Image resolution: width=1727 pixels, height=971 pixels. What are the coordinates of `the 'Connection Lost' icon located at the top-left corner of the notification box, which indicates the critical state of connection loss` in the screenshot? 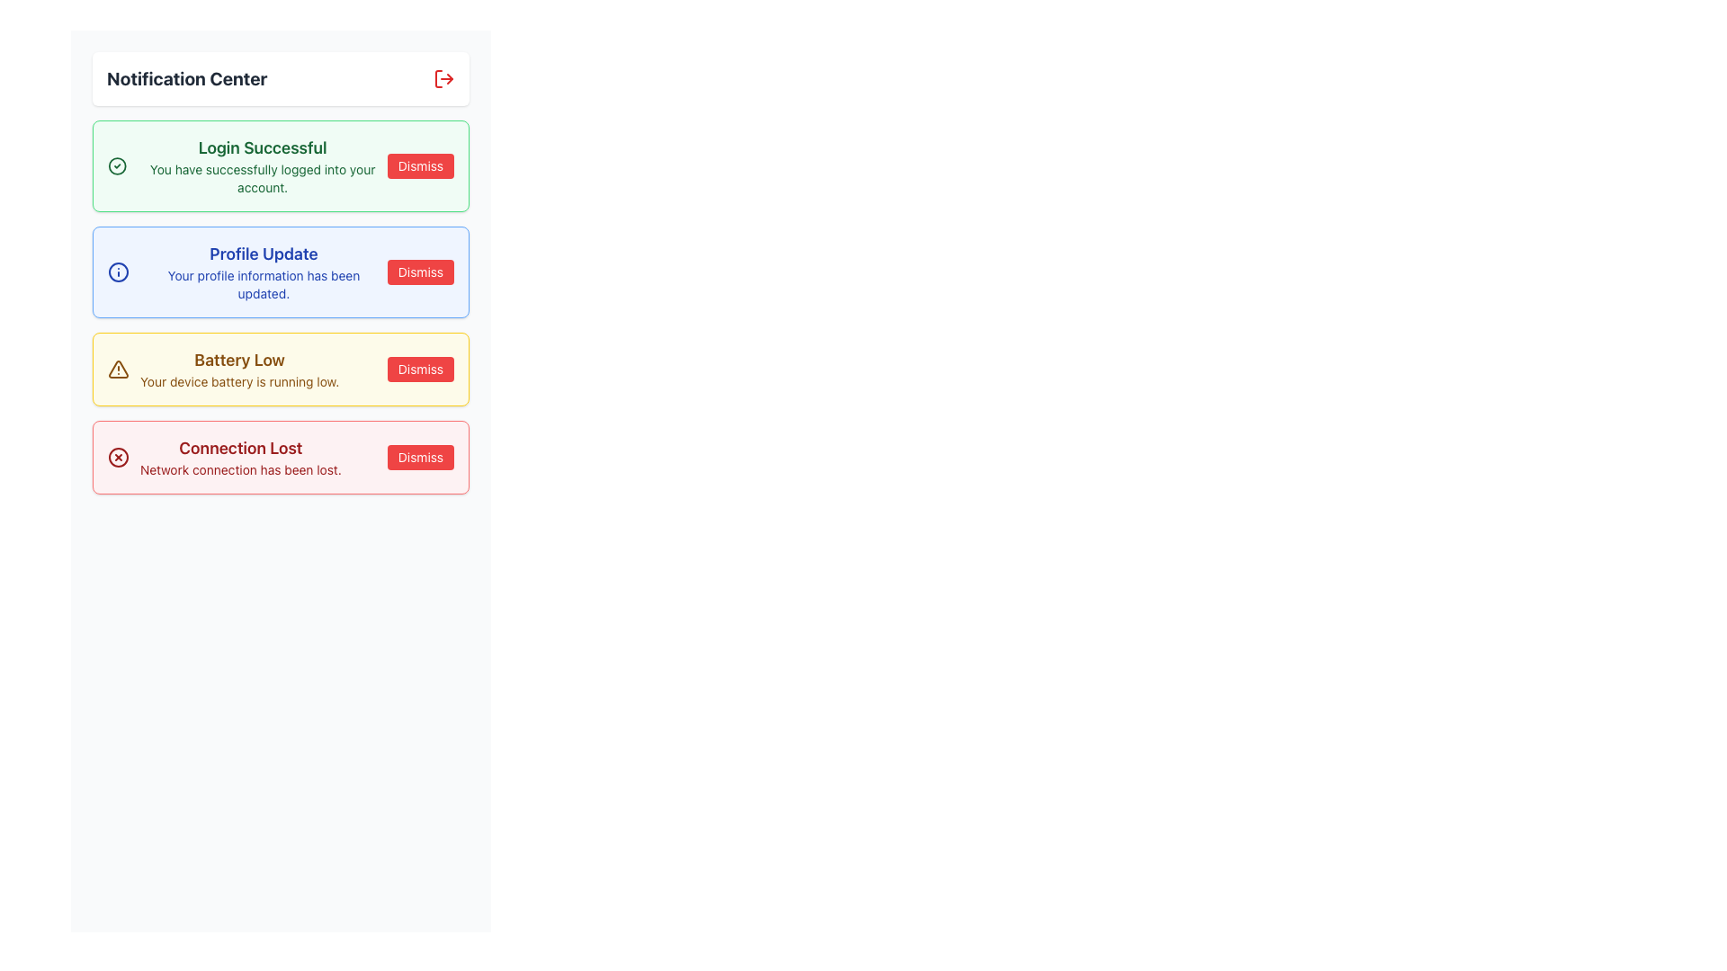 It's located at (118, 457).